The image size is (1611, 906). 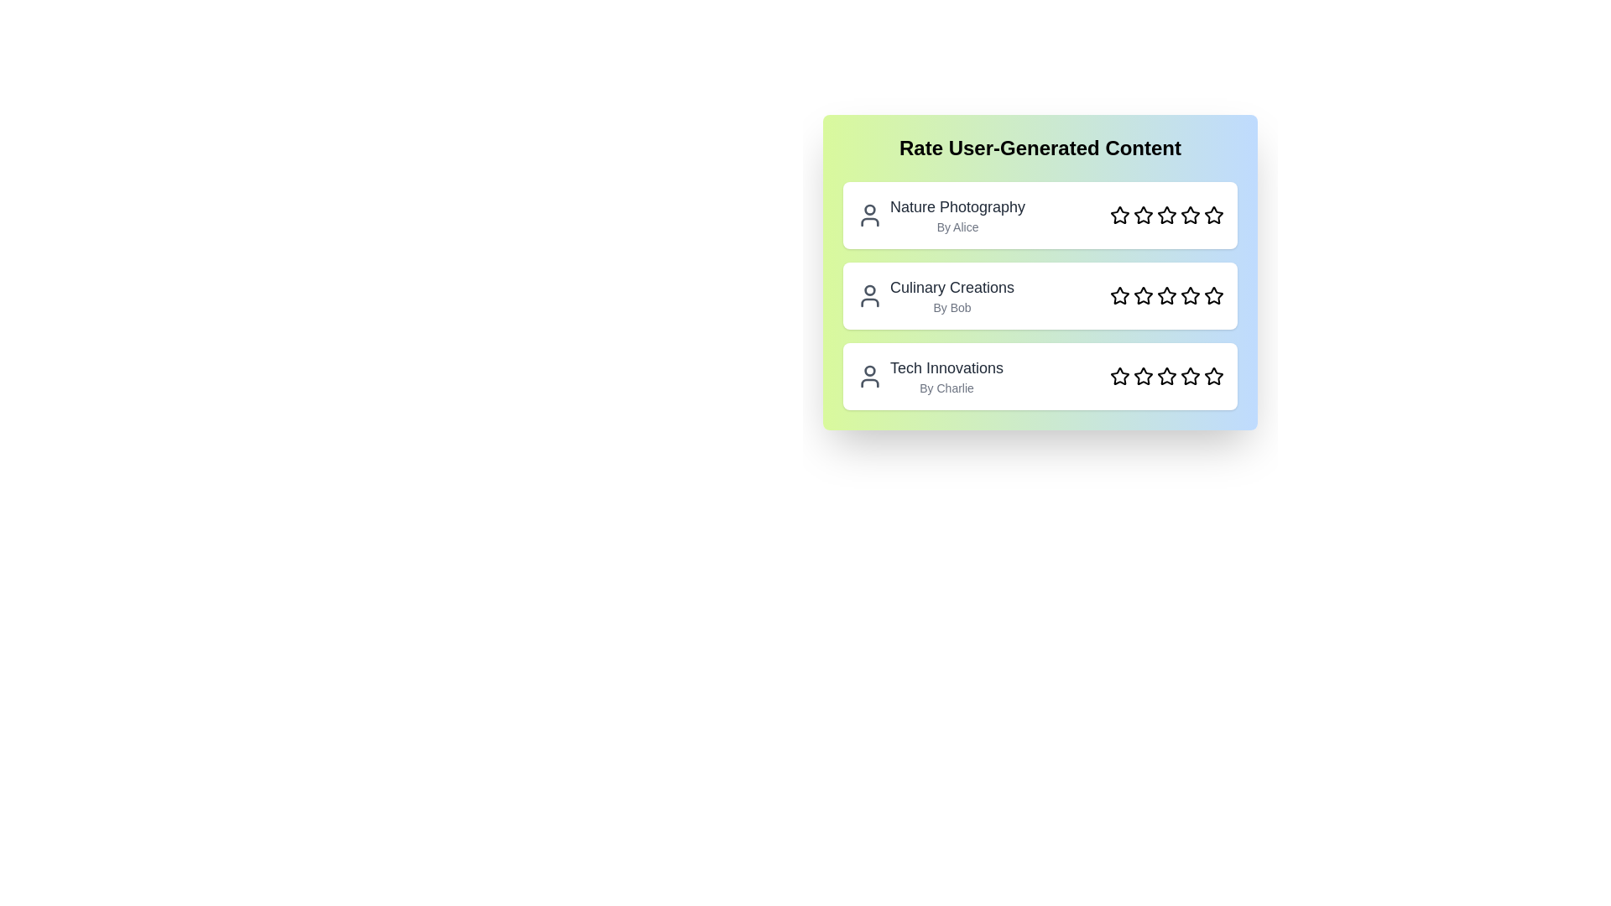 What do you see at coordinates (1166, 295) in the screenshot?
I see `the star corresponding to the rating 3 for the content Culinary Creations` at bounding box center [1166, 295].